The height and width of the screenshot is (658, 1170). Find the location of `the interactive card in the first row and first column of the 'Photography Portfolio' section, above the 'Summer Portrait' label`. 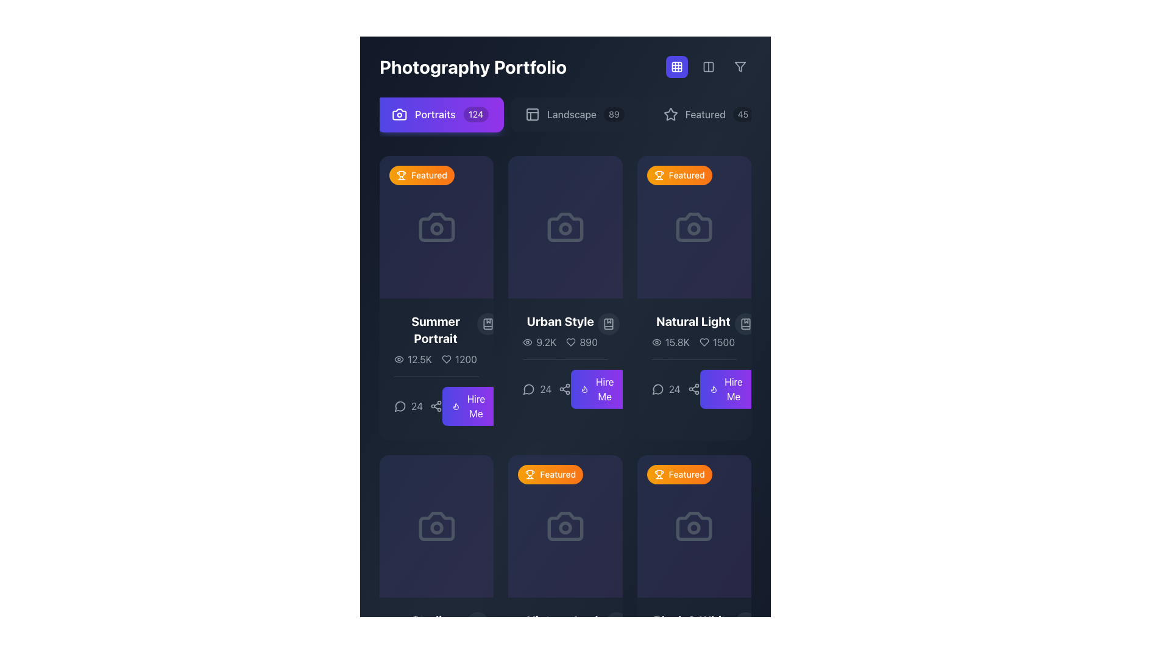

the interactive card in the first row and first column of the 'Photography Portfolio' section, above the 'Summer Portrait' label is located at coordinates (436, 227).